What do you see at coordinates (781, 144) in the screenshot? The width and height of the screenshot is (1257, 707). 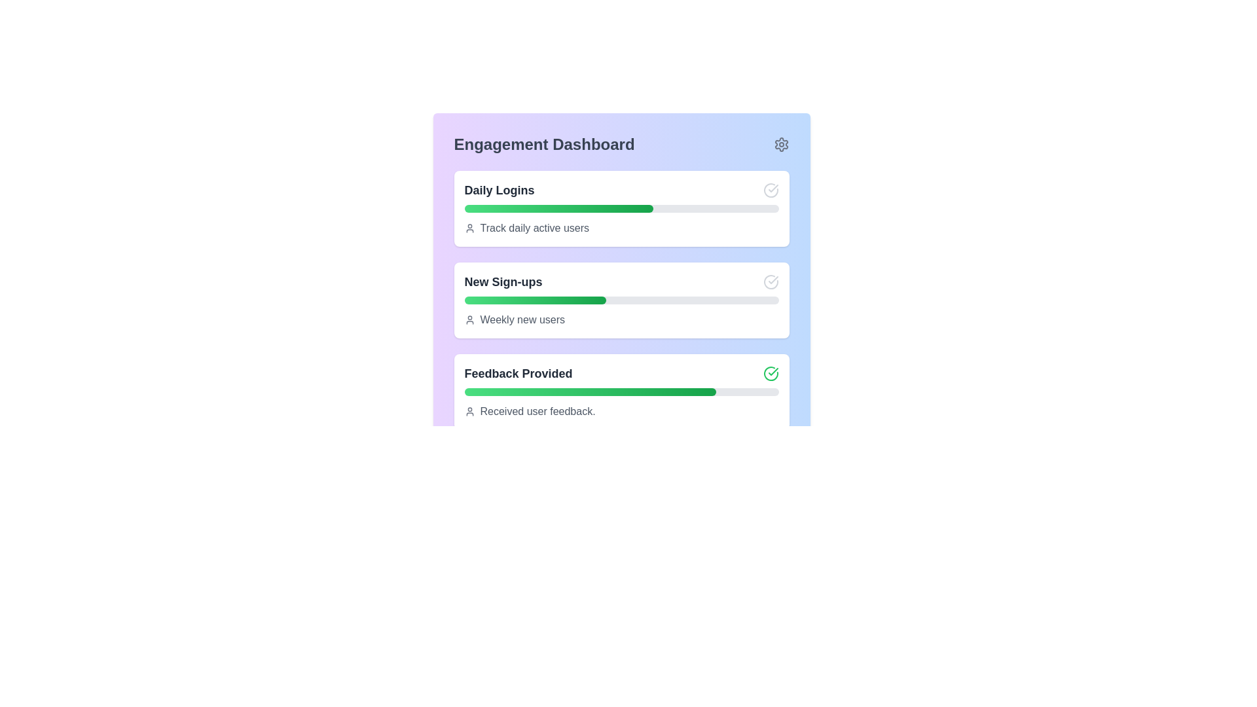 I see `the gear/settings icon, which is a gray cogwheel located at the top-right corner of the Engagement Dashboard` at bounding box center [781, 144].